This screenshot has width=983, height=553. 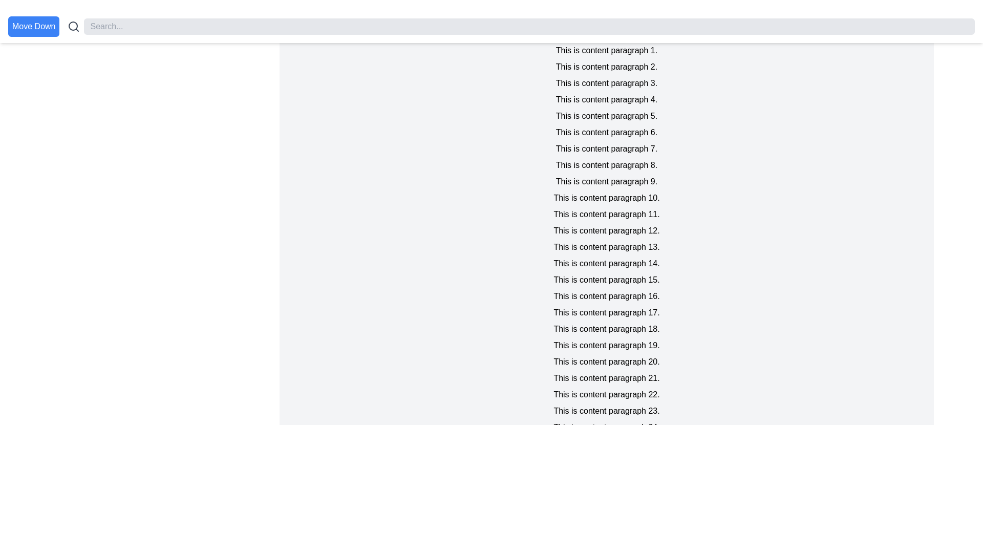 What do you see at coordinates (607, 394) in the screenshot?
I see `the non-interactive informational text block, which is the 22nd item in a list of content paragraphs, located between the 21st and 23rd paragraphs` at bounding box center [607, 394].